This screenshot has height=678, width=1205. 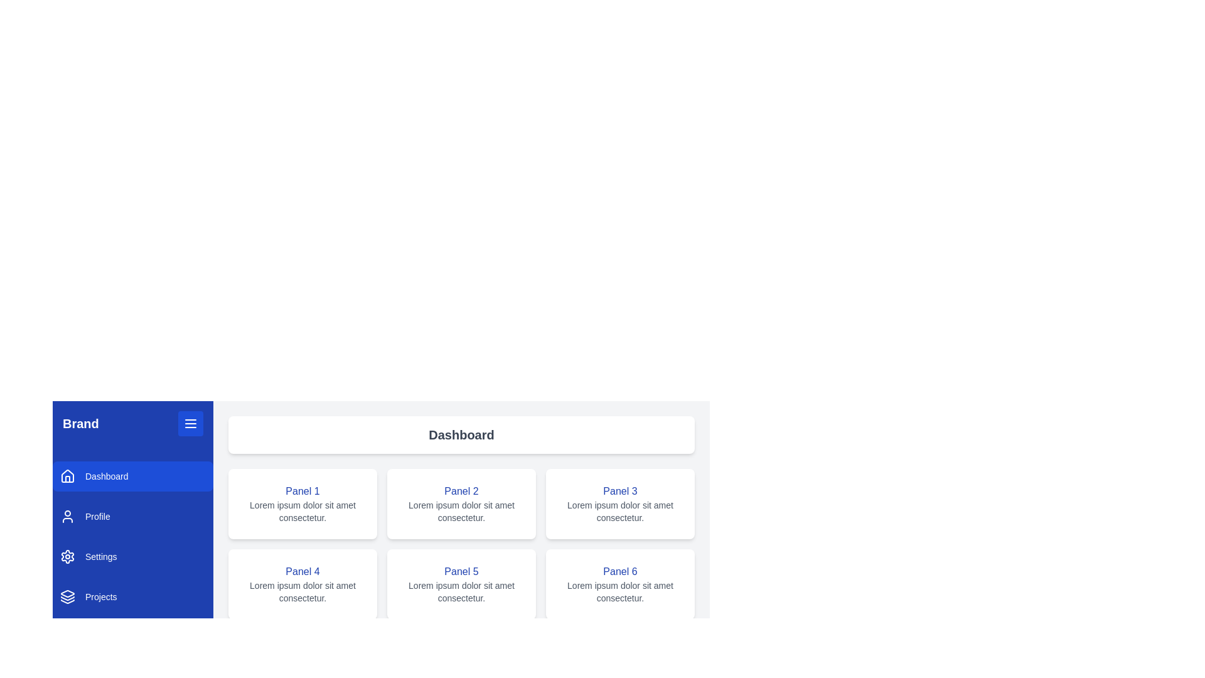 What do you see at coordinates (461, 434) in the screenshot?
I see `the Heading element located at the top center of the content area, which provides context for the section preceding the grid of panels` at bounding box center [461, 434].